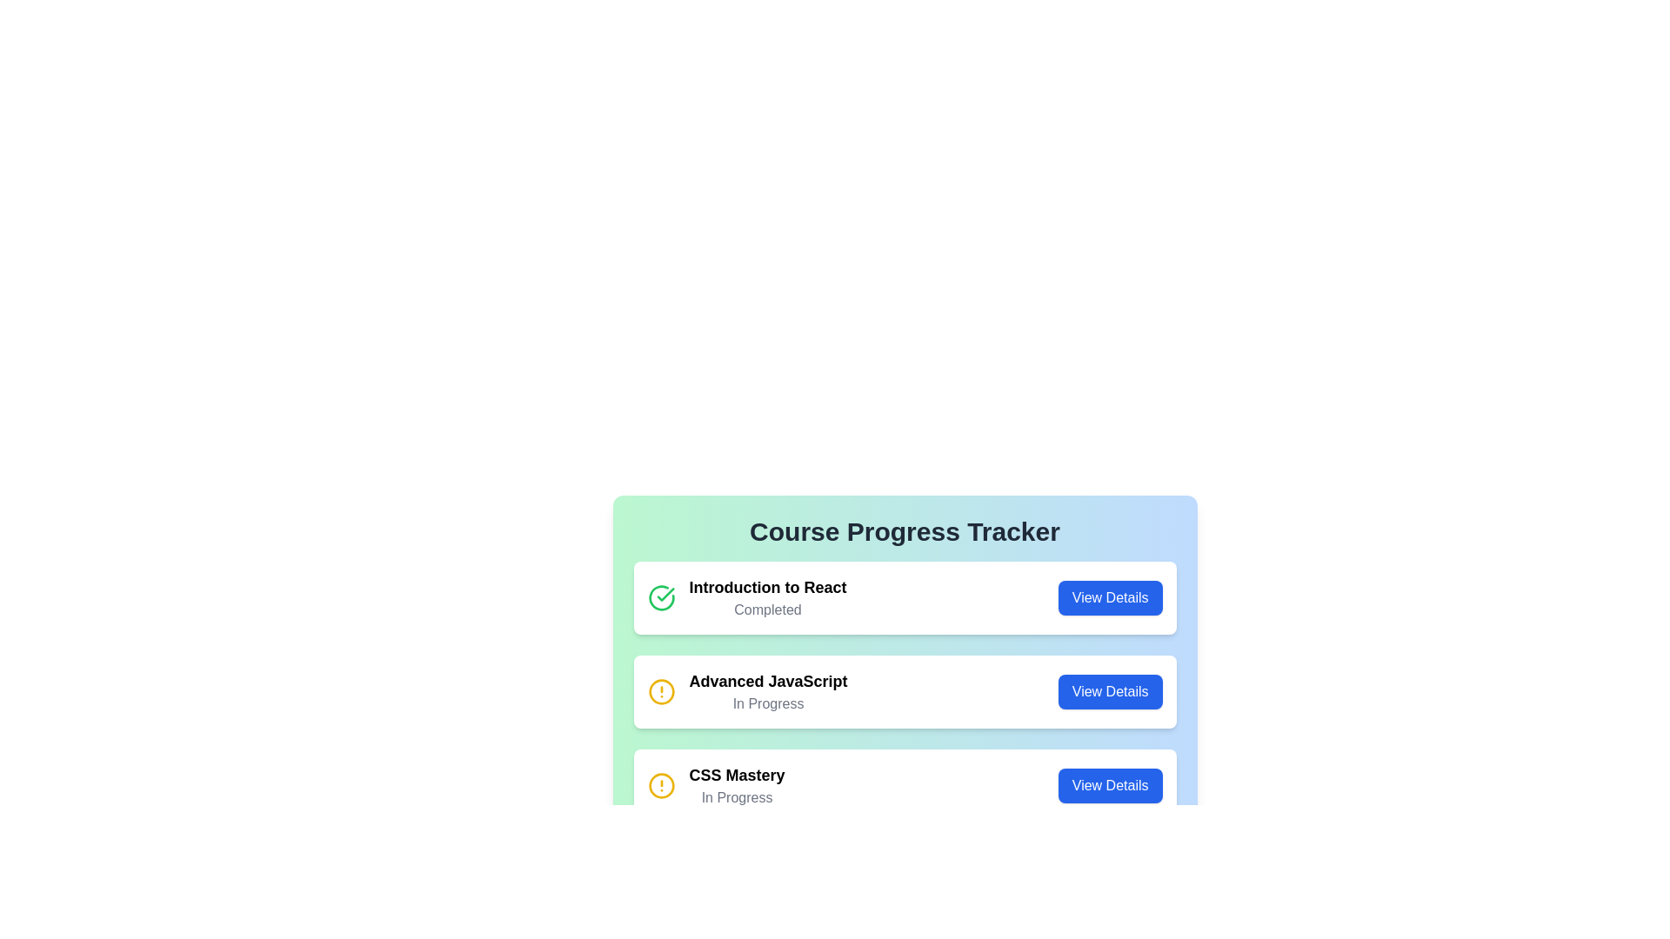 Image resolution: width=1670 pixels, height=939 pixels. I want to click on the green circular icon with a checkmark, which indicates the completion status of the 'Introduction to React' course, located to the left of the text 'Completed', so click(660, 596).